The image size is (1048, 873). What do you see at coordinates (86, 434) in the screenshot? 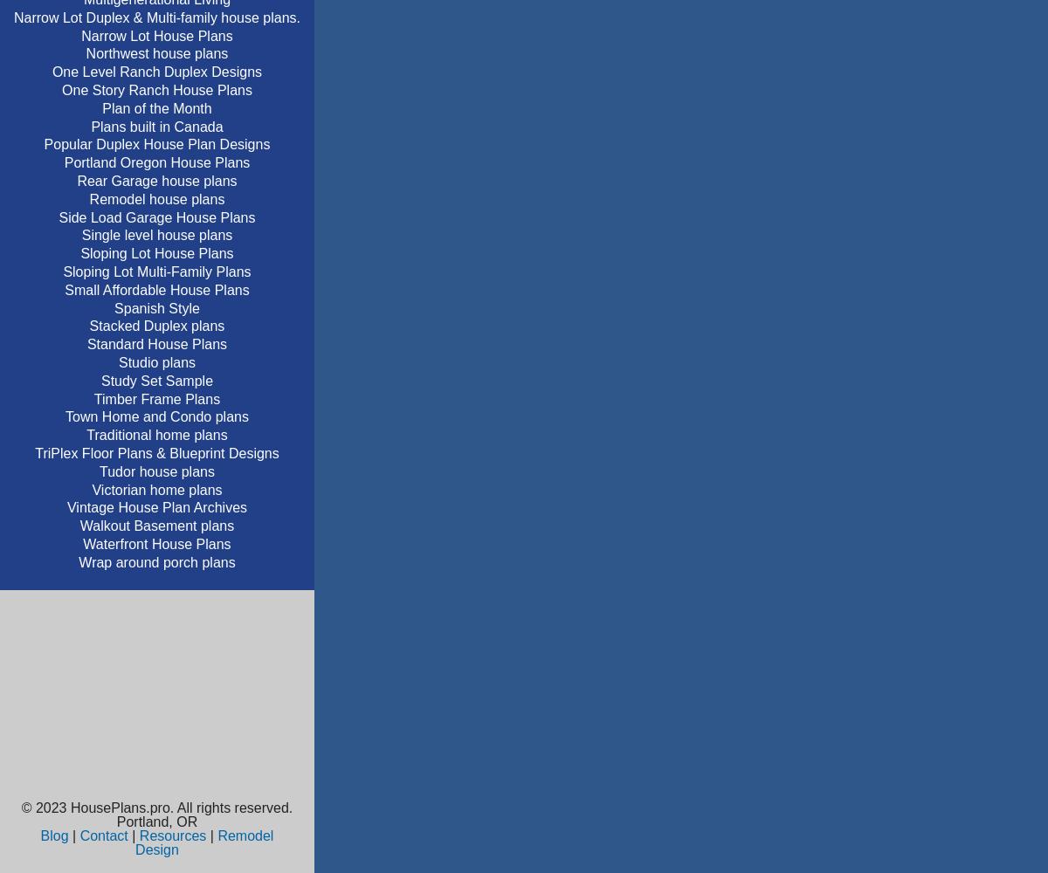
I see `'Traditional home plans'` at bounding box center [86, 434].